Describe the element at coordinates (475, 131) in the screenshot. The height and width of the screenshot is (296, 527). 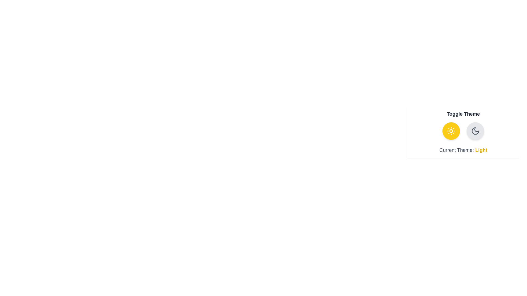
I see `the theme button for dark theme to observe the animation effect` at that location.